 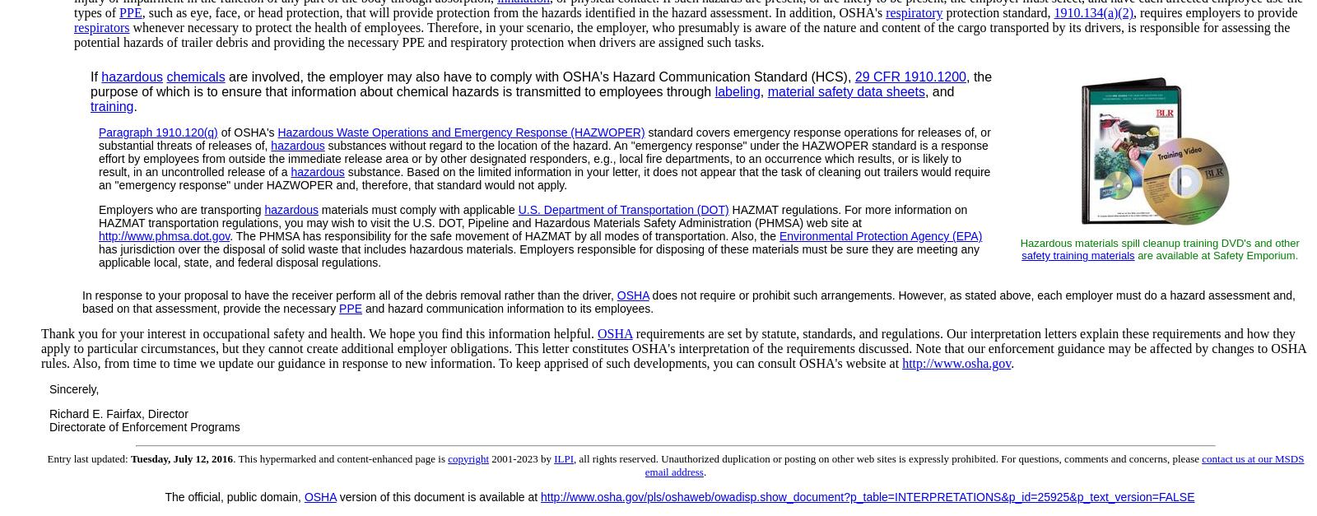 What do you see at coordinates (997, 12) in the screenshot?
I see `'protection standard,'` at bounding box center [997, 12].